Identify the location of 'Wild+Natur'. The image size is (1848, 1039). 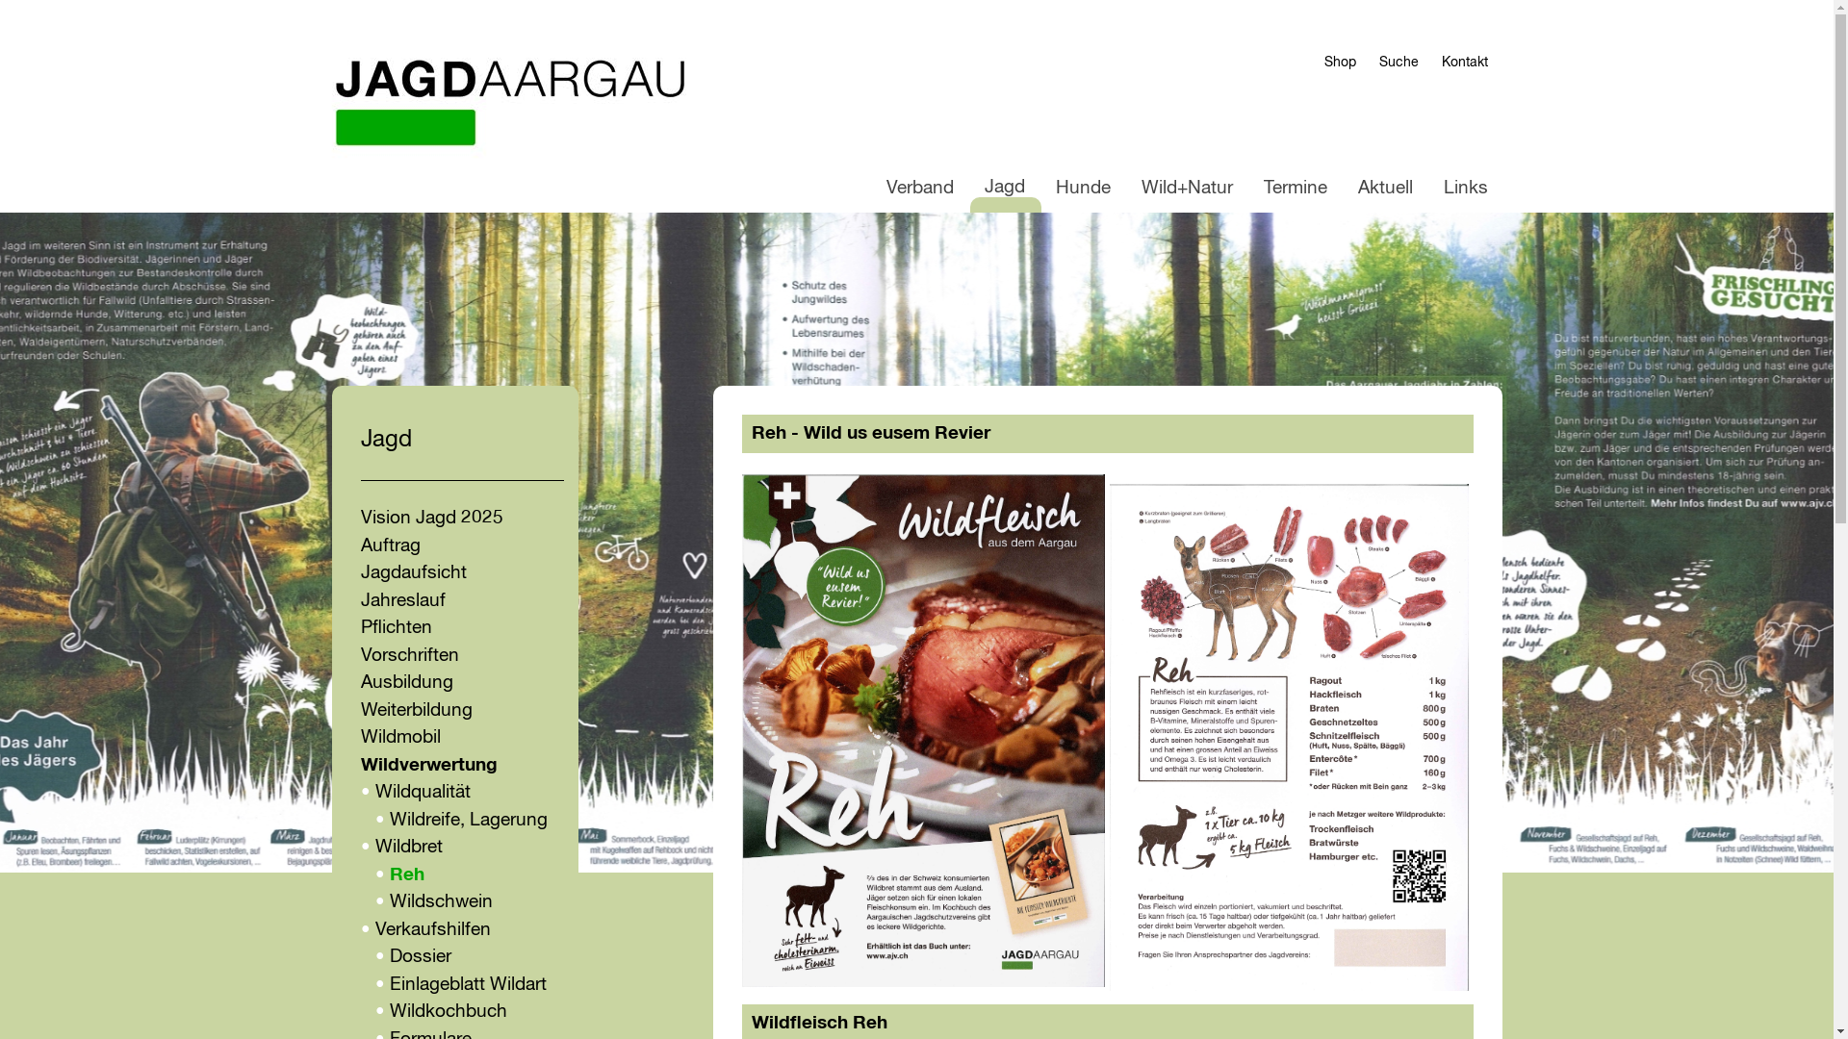
(1185, 189).